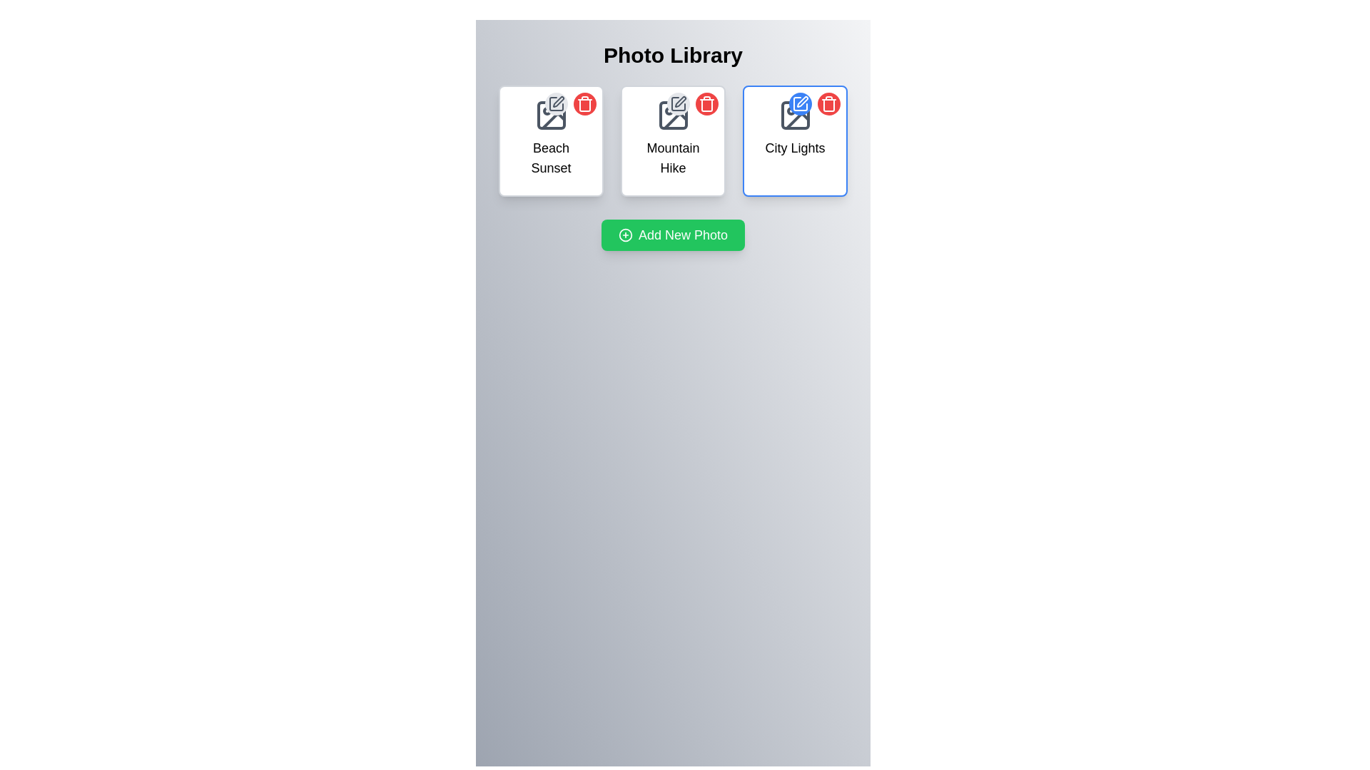 This screenshot has width=1370, height=770. I want to click on the circular red button with a white trash bin icon located at the top-right corner of the 'City Lights' card, so click(828, 103).